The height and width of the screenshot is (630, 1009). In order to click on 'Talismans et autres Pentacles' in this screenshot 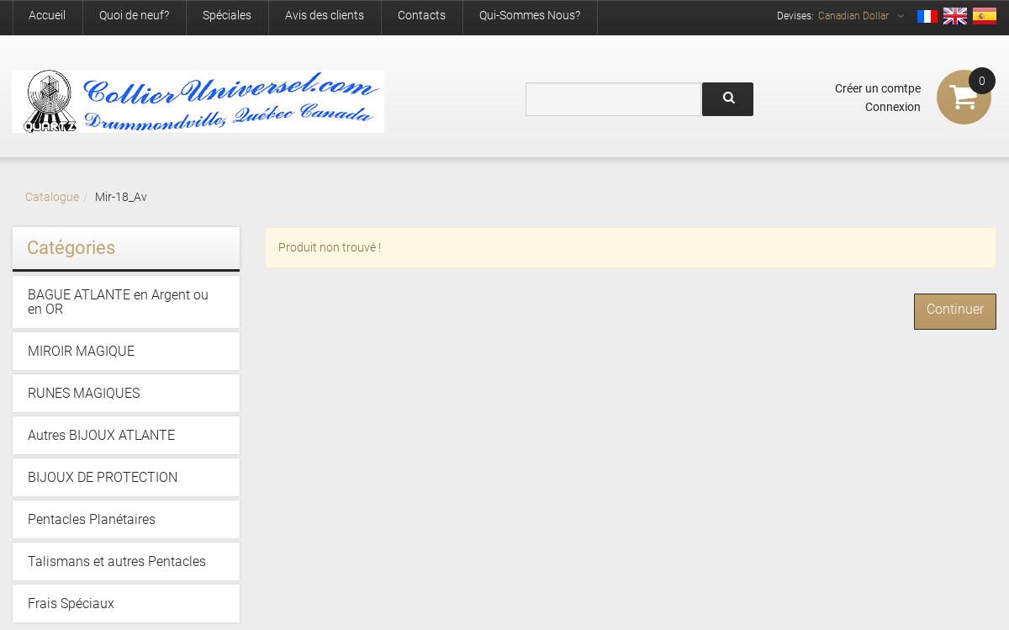, I will do `click(28, 561)`.